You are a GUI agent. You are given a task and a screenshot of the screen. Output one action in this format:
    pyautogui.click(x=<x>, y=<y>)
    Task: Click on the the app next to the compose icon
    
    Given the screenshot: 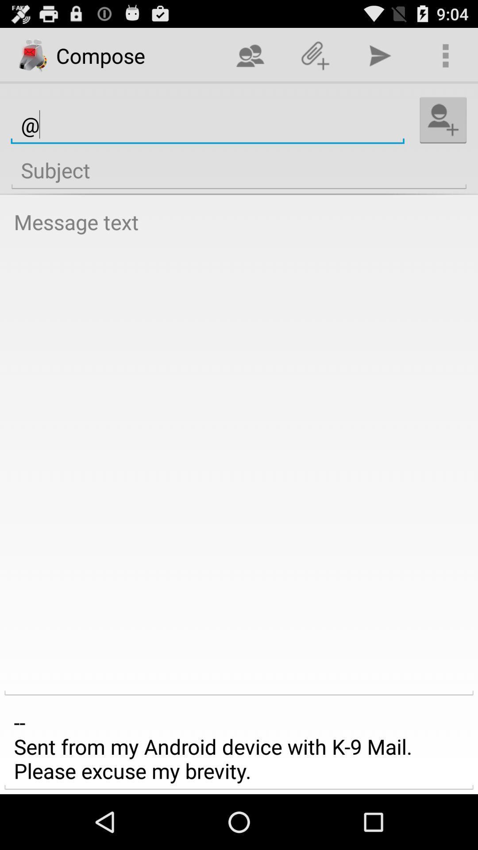 What is the action you would take?
    pyautogui.click(x=250, y=55)
    